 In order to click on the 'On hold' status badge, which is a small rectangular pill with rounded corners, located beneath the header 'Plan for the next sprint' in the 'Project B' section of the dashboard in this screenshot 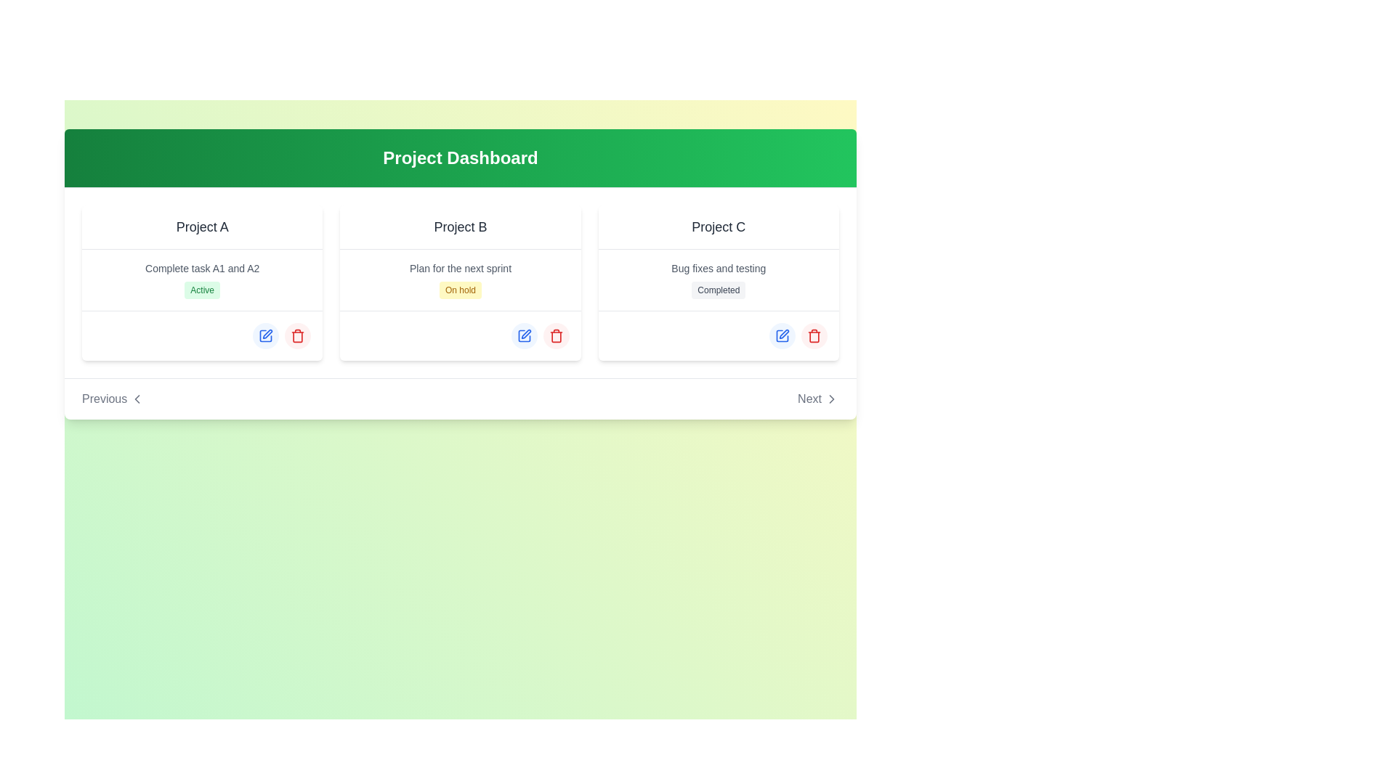, I will do `click(459, 290)`.